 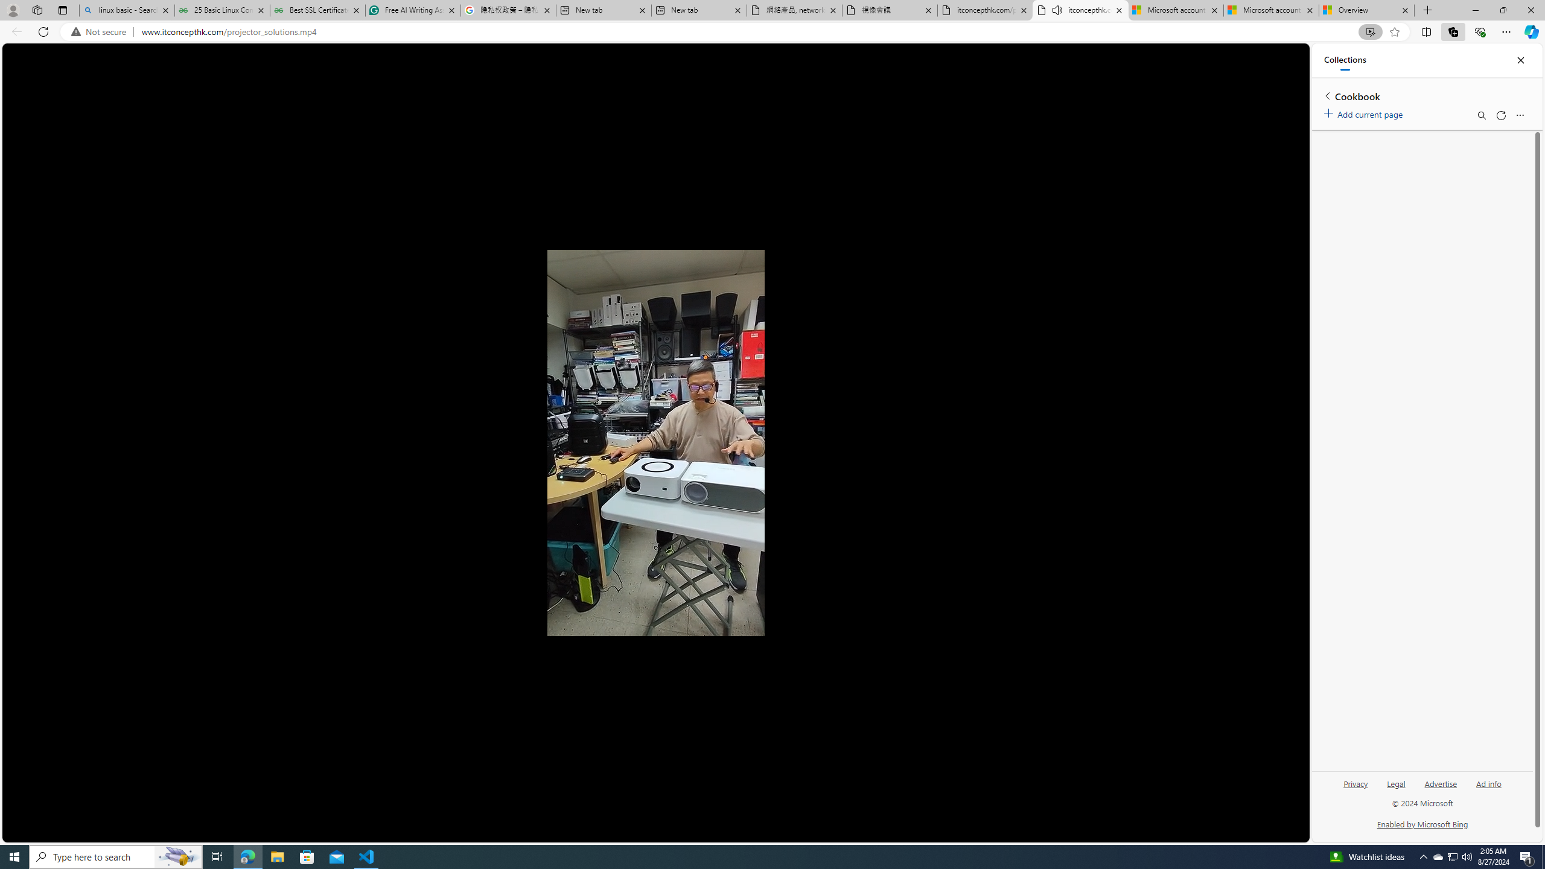 I want to click on 'Best SSL Certificates Provider in India - GeeksforGeeks', so click(x=317, y=10).